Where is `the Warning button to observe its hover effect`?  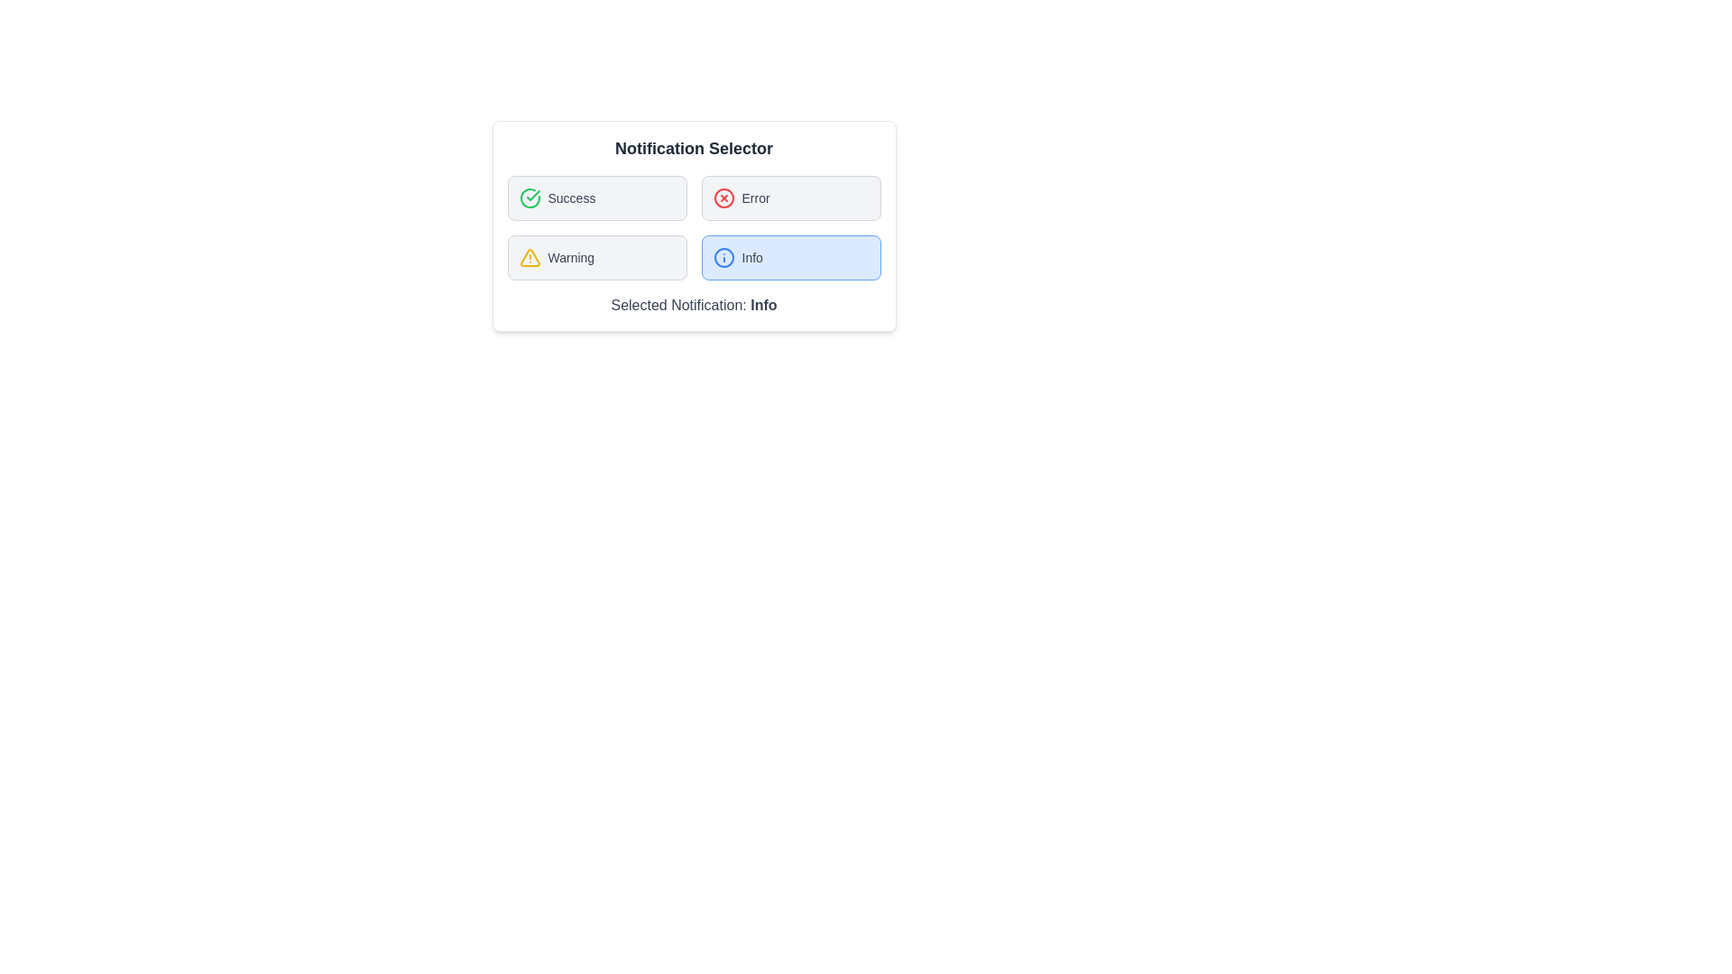
the Warning button to observe its hover effect is located at coordinates (597, 257).